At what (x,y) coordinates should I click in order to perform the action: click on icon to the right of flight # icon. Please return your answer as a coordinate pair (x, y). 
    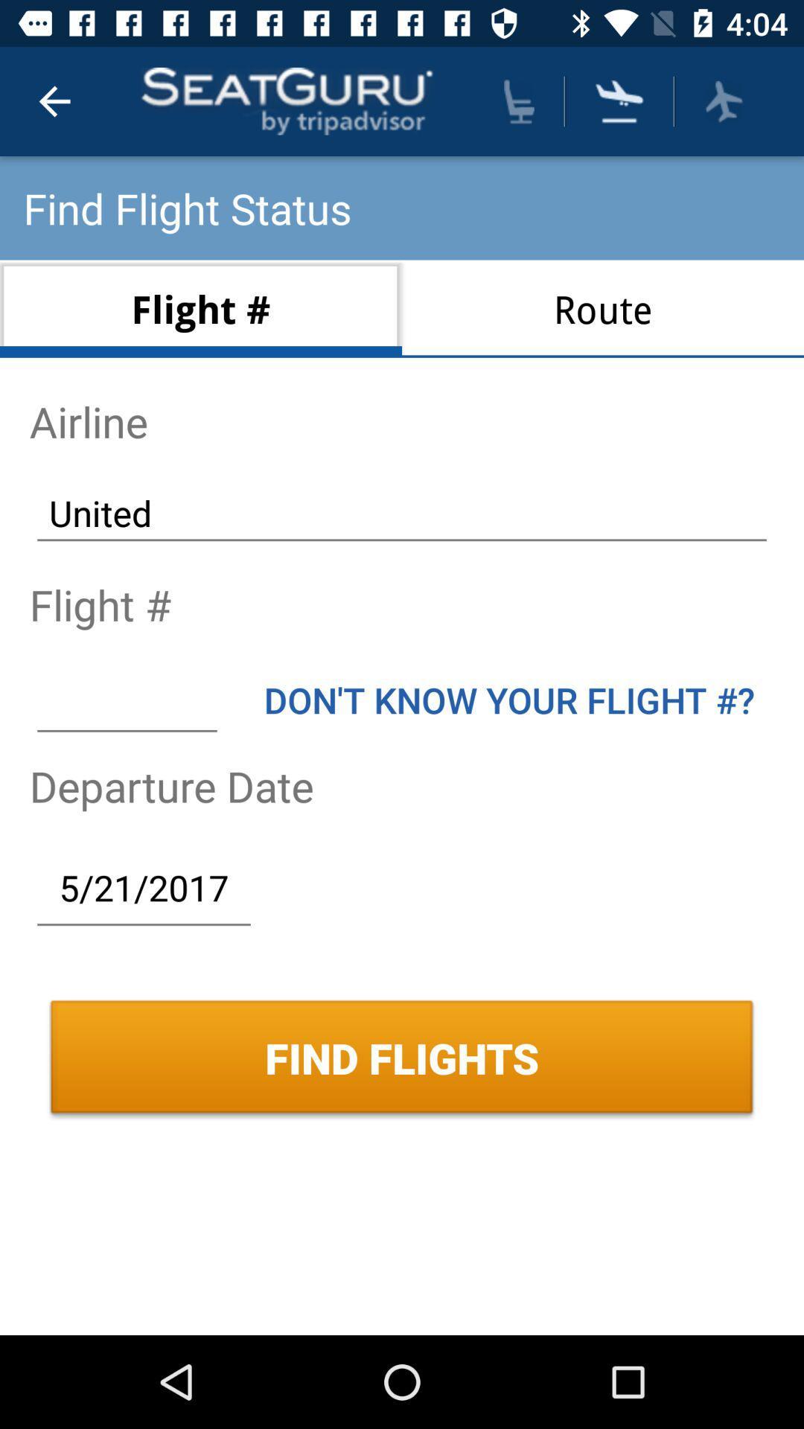
    Looking at the image, I should click on (603, 308).